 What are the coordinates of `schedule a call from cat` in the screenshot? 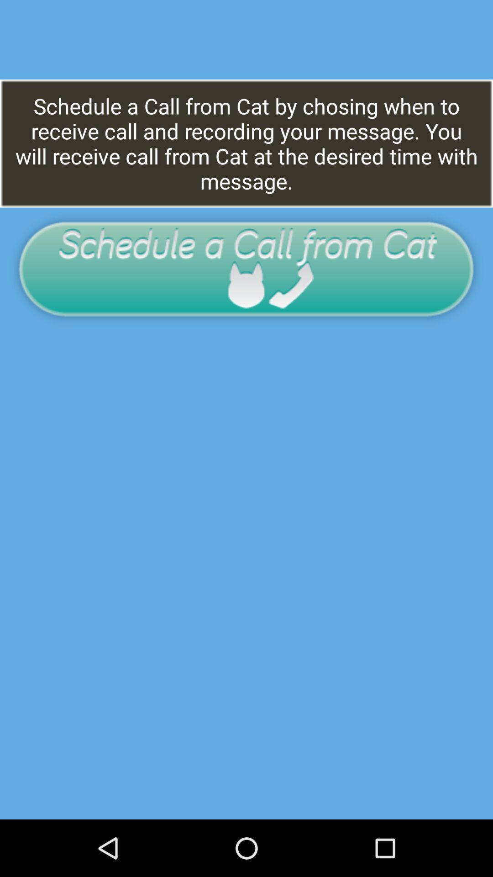 It's located at (246, 268).